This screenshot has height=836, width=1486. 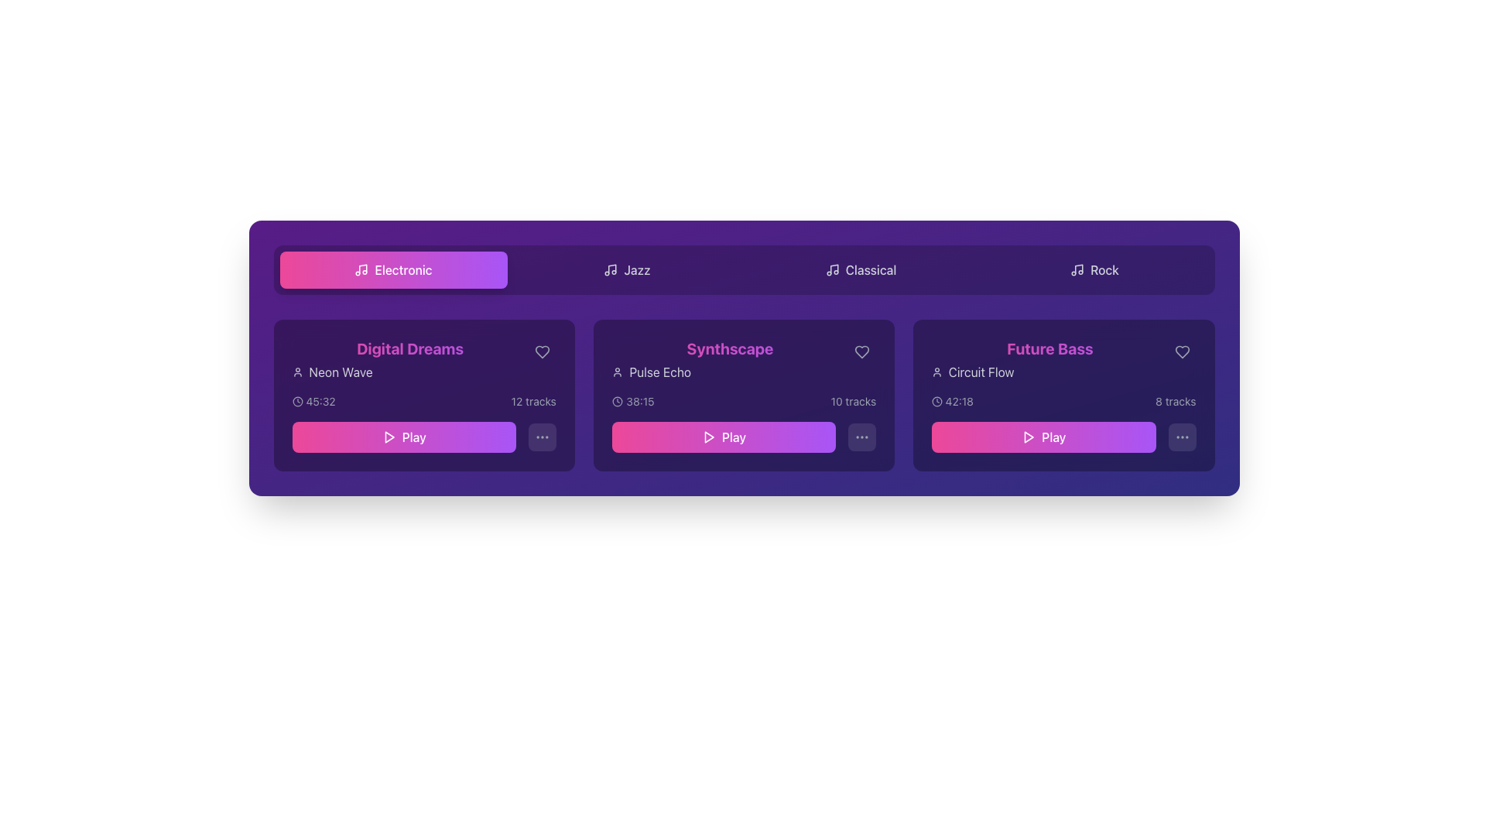 What do you see at coordinates (632, 401) in the screenshot?
I see `the time indicator text display located in the 'Synthscape' section, positioned to the left of the '10 tracks' label and below the song title` at bounding box center [632, 401].